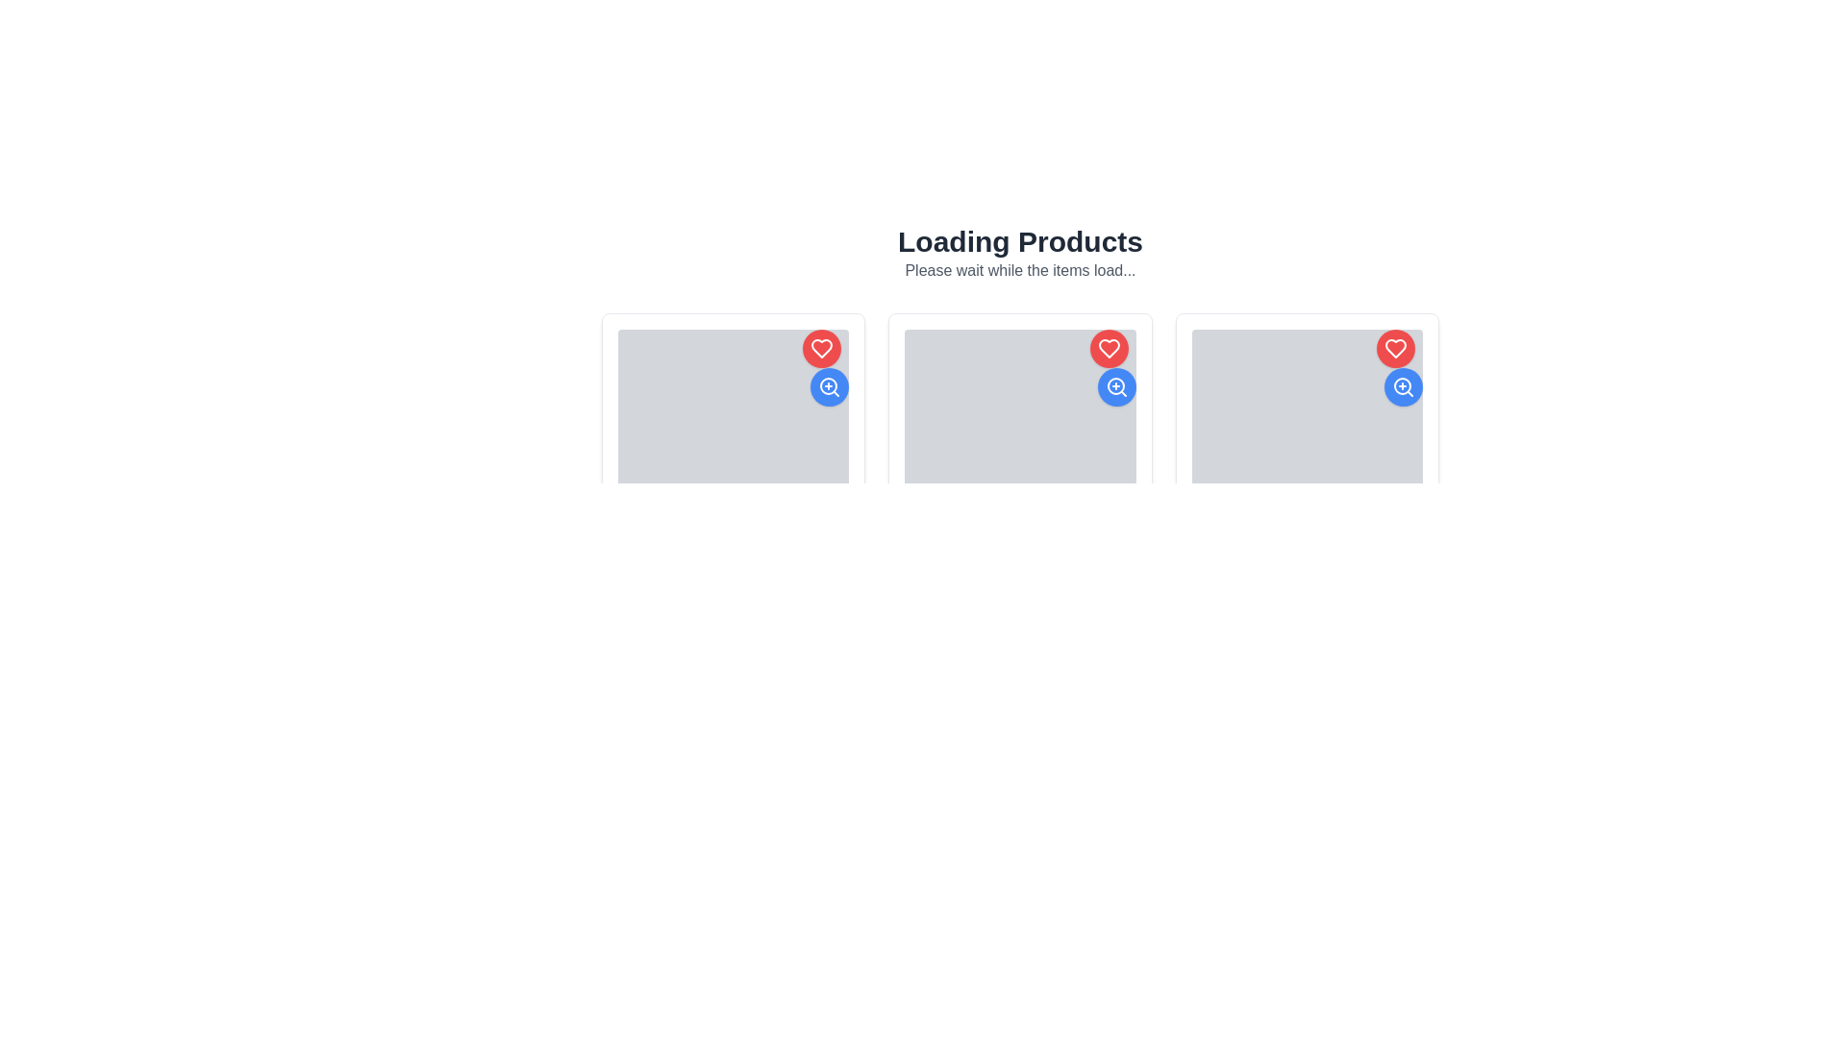 Image resolution: width=1846 pixels, height=1038 pixels. What do you see at coordinates (1395, 348) in the screenshot?
I see `the heart icon button in the top-right corner of the leftmost product card` at bounding box center [1395, 348].